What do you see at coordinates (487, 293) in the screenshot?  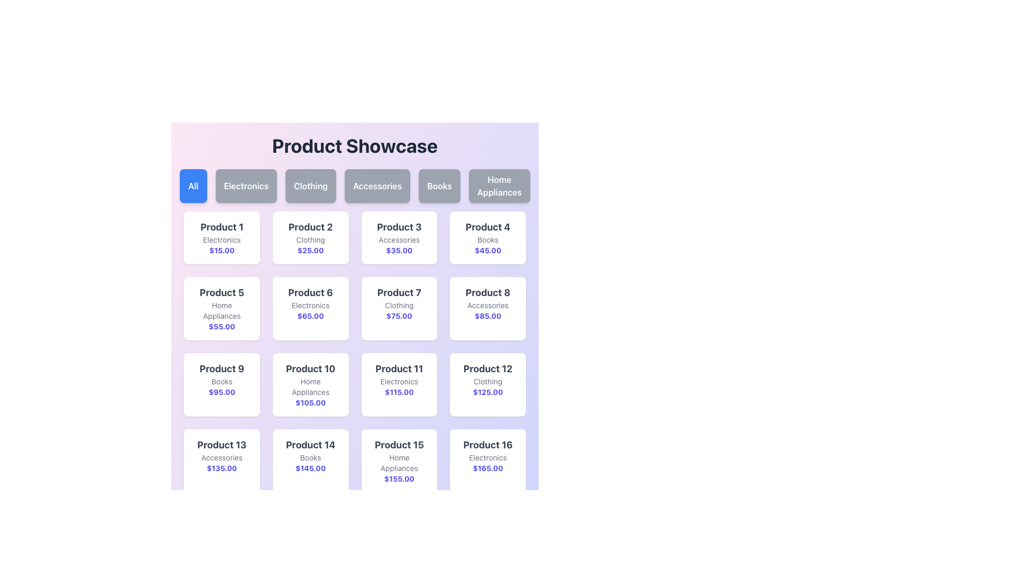 I see `the text element displaying the product name 'Product 8', which is located at the top section of the card in the second row, fourth column of the product showcase grid` at bounding box center [487, 293].